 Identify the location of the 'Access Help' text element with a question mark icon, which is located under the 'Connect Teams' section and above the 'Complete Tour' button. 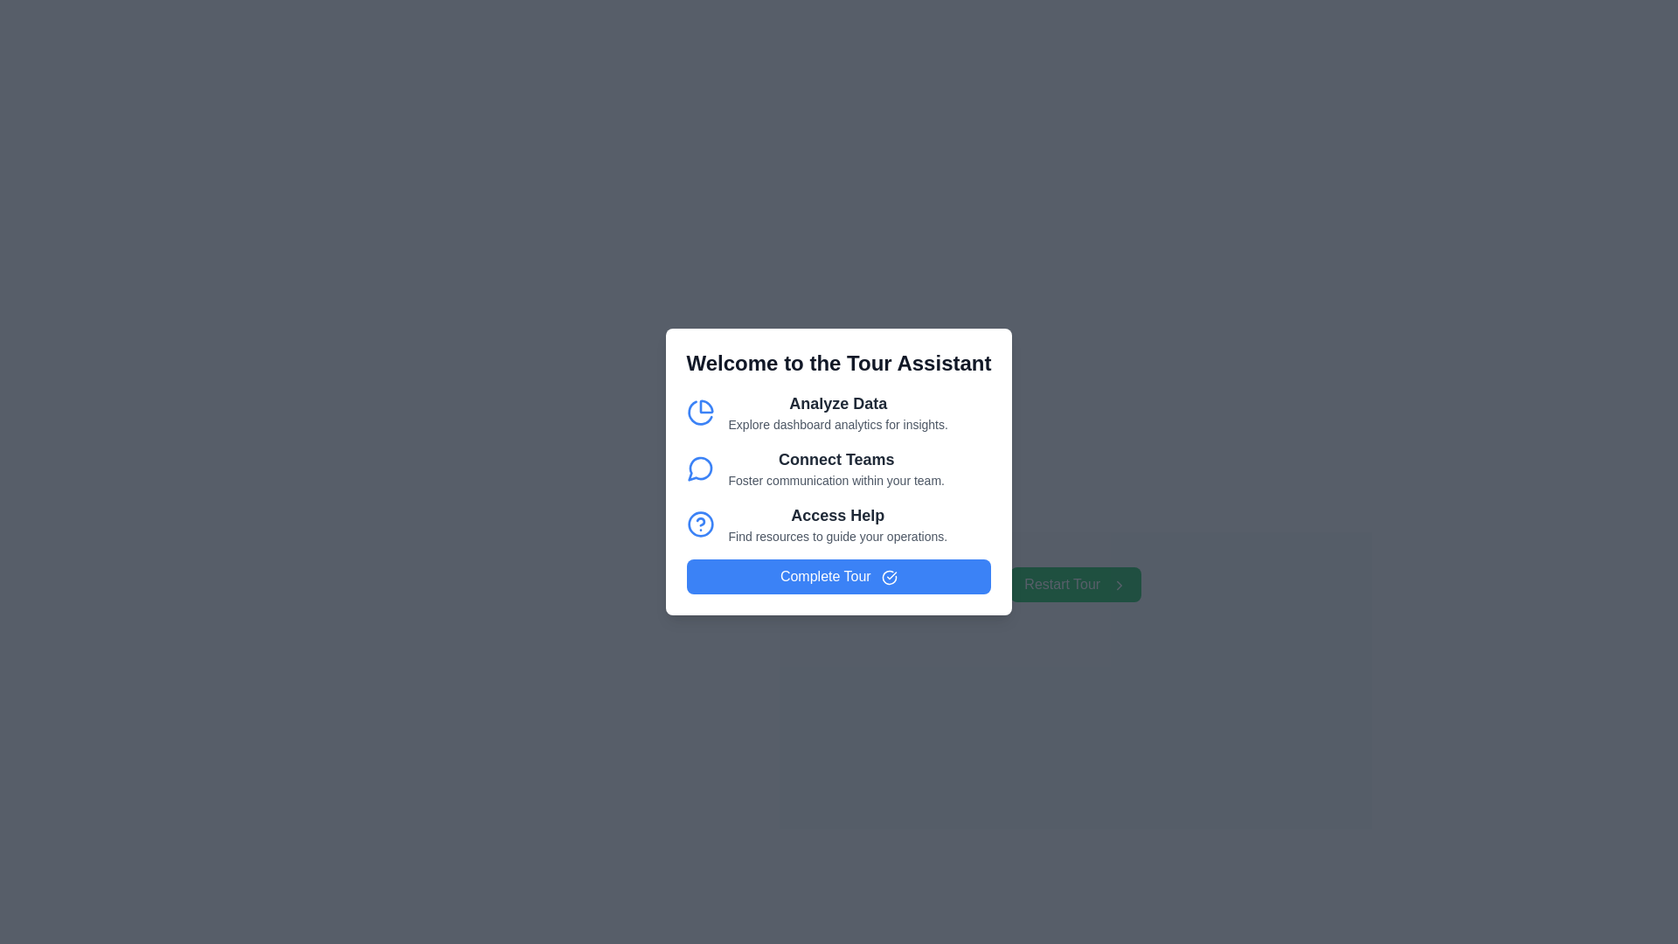
(839, 524).